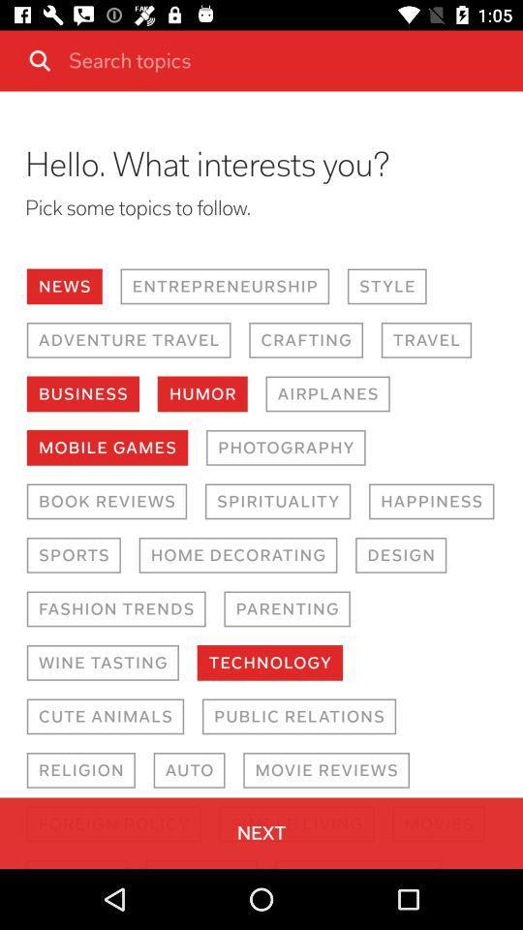 The height and width of the screenshot is (930, 523). I want to click on the icon above religion icon, so click(105, 715).